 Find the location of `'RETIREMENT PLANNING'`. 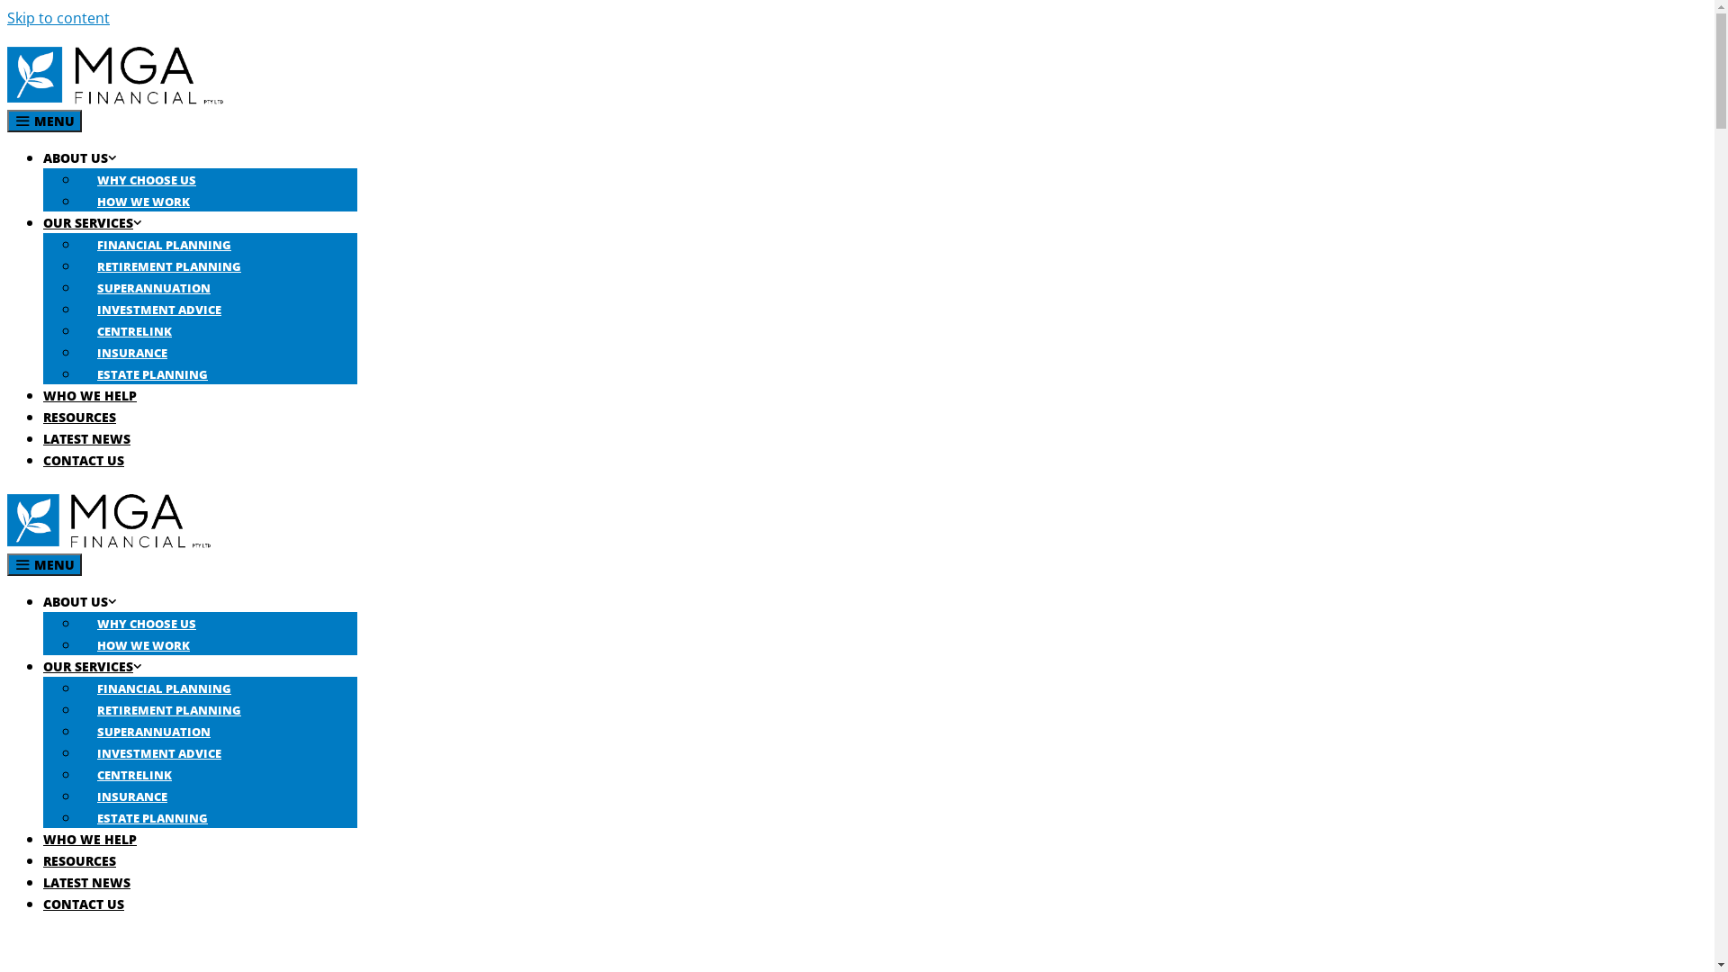

'RETIREMENT PLANNING' is located at coordinates (168, 266).